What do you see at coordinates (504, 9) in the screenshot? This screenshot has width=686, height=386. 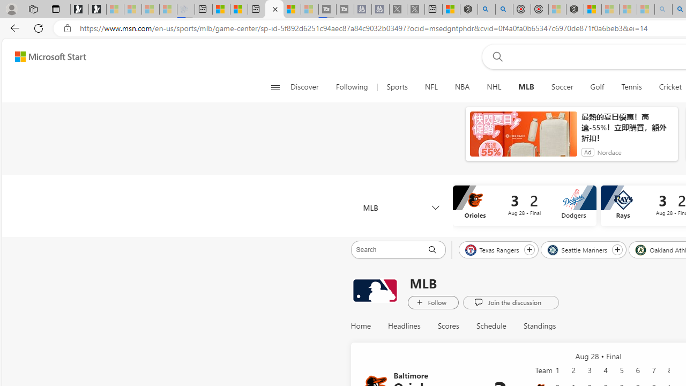 I see `'poe ++ standard - Search'` at bounding box center [504, 9].